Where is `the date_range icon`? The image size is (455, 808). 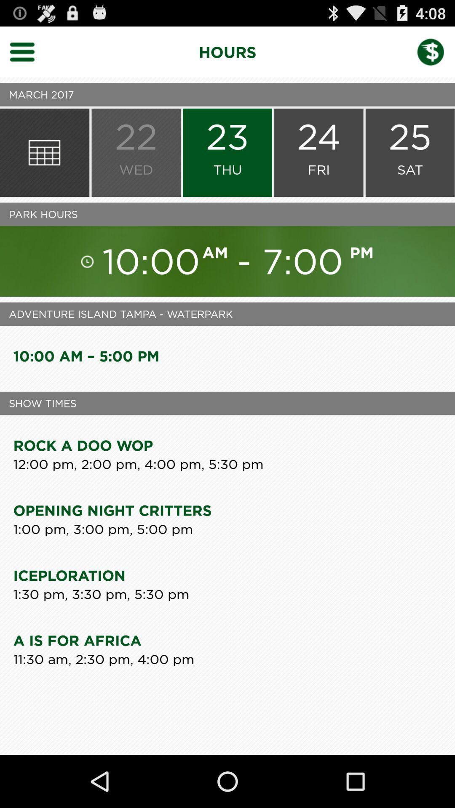 the date_range icon is located at coordinates (44, 163).